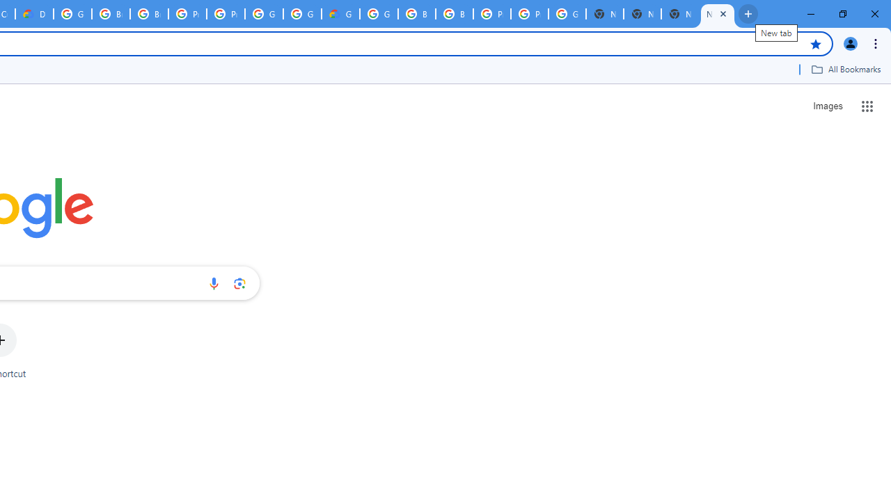  Describe the element at coordinates (718, 14) in the screenshot. I see `'New Tab'` at that location.